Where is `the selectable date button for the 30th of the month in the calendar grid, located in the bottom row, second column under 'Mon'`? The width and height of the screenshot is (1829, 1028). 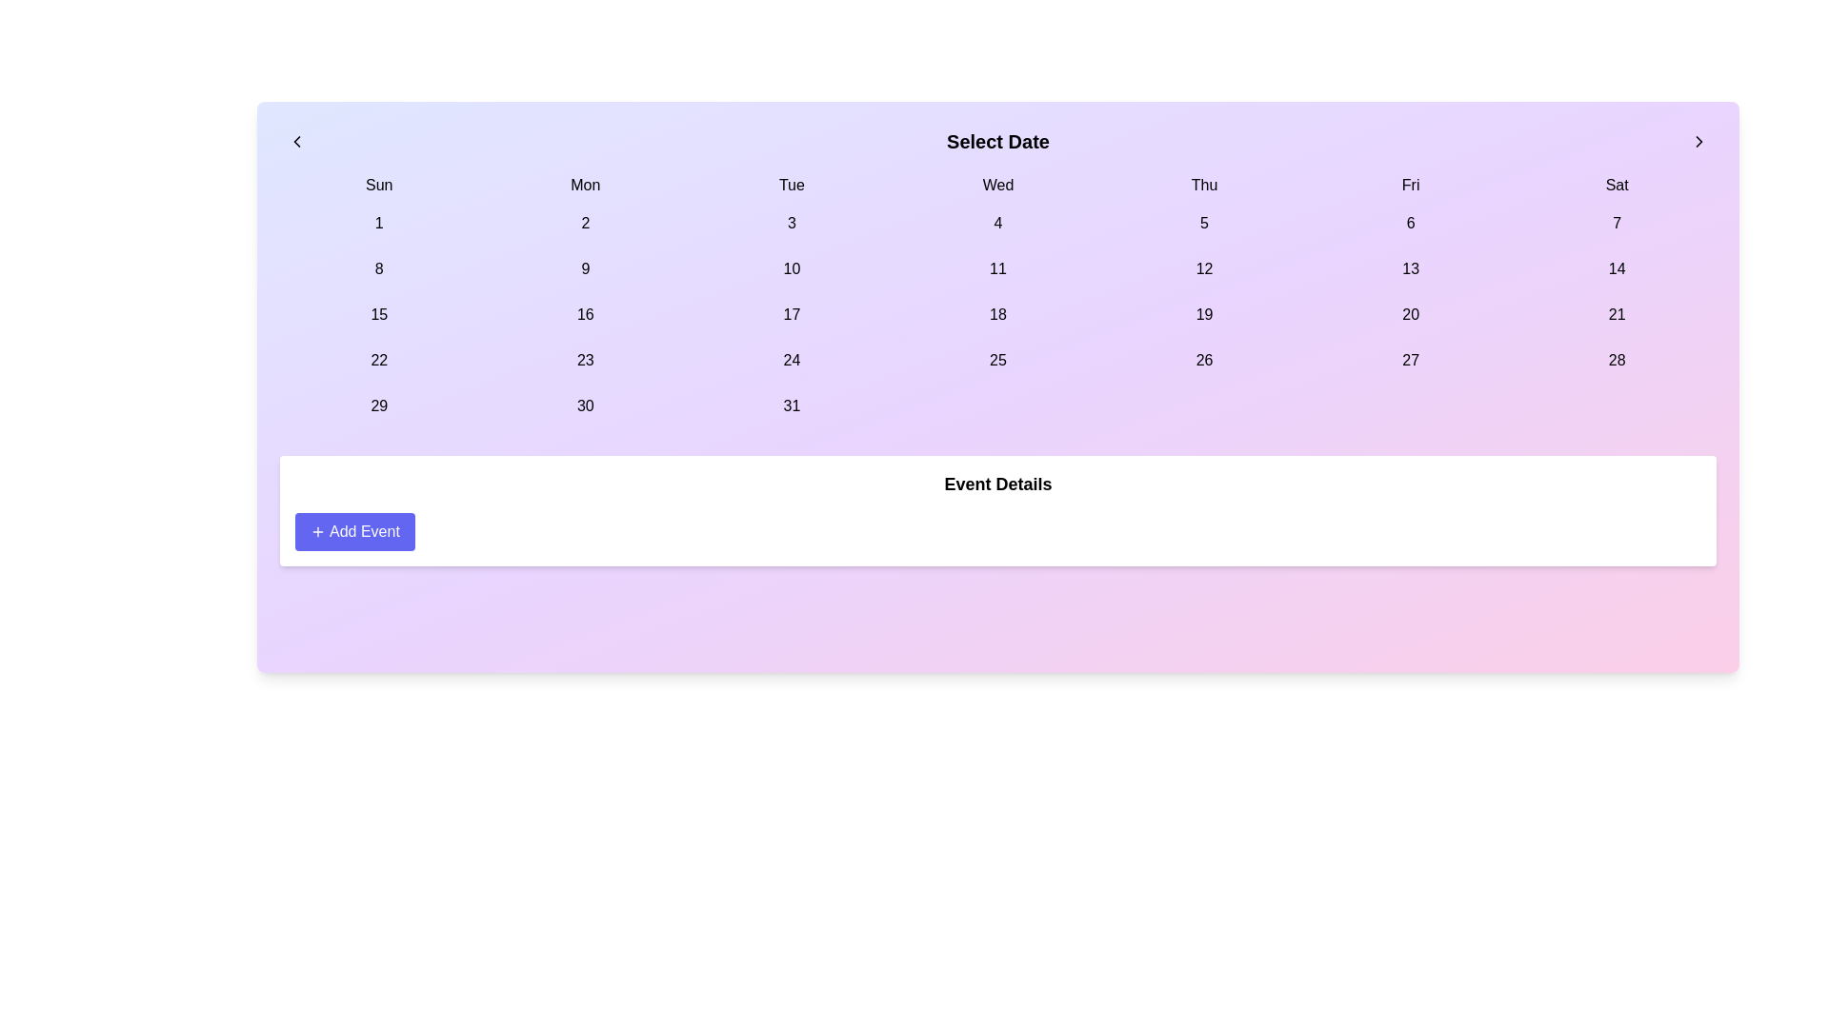 the selectable date button for the 30th of the month in the calendar grid, located in the bottom row, second column under 'Mon' is located at coordinates (584, 405).